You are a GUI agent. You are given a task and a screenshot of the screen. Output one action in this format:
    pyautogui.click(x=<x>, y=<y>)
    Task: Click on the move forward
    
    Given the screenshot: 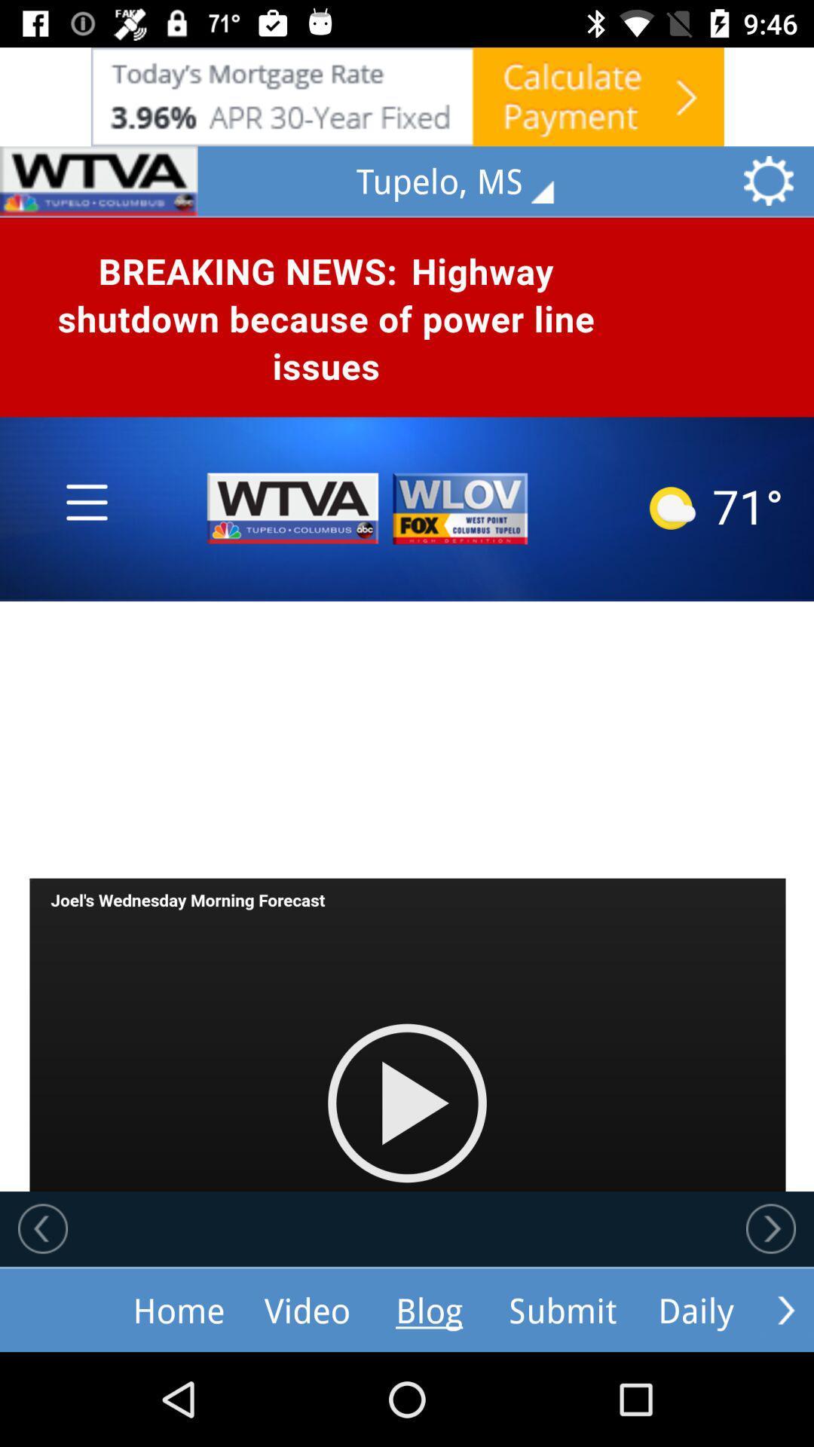 What is the action you would take?
    pyautogui.click(x=785, y=1309)
    